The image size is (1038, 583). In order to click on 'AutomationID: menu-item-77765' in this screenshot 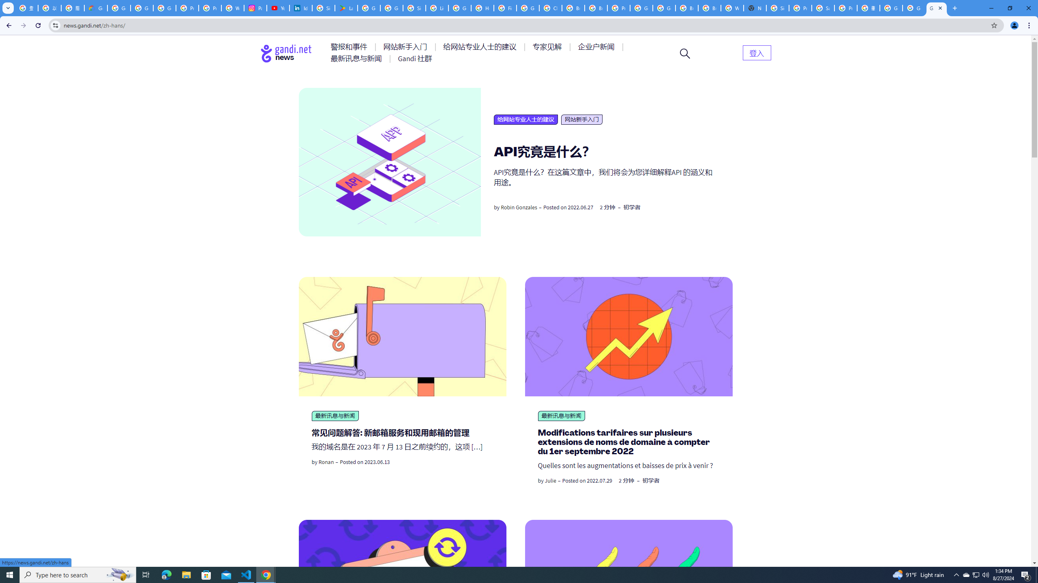, I will do `click(597, 46)`.